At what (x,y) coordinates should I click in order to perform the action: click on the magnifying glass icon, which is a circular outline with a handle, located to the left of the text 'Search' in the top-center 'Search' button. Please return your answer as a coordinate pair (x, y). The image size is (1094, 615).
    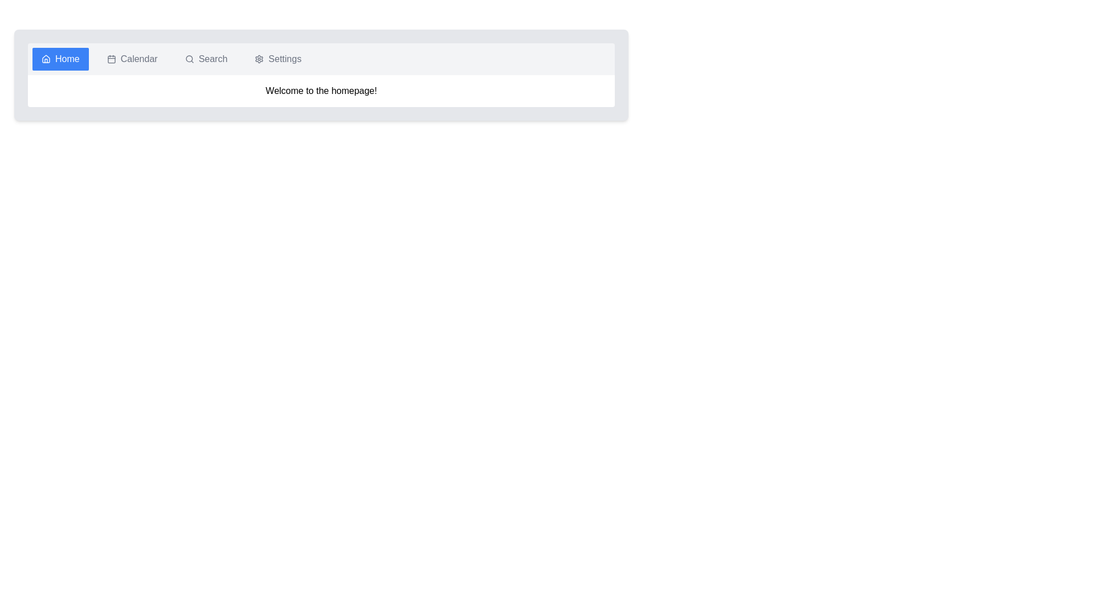
    Looking at the image, I should click on (189, 59).